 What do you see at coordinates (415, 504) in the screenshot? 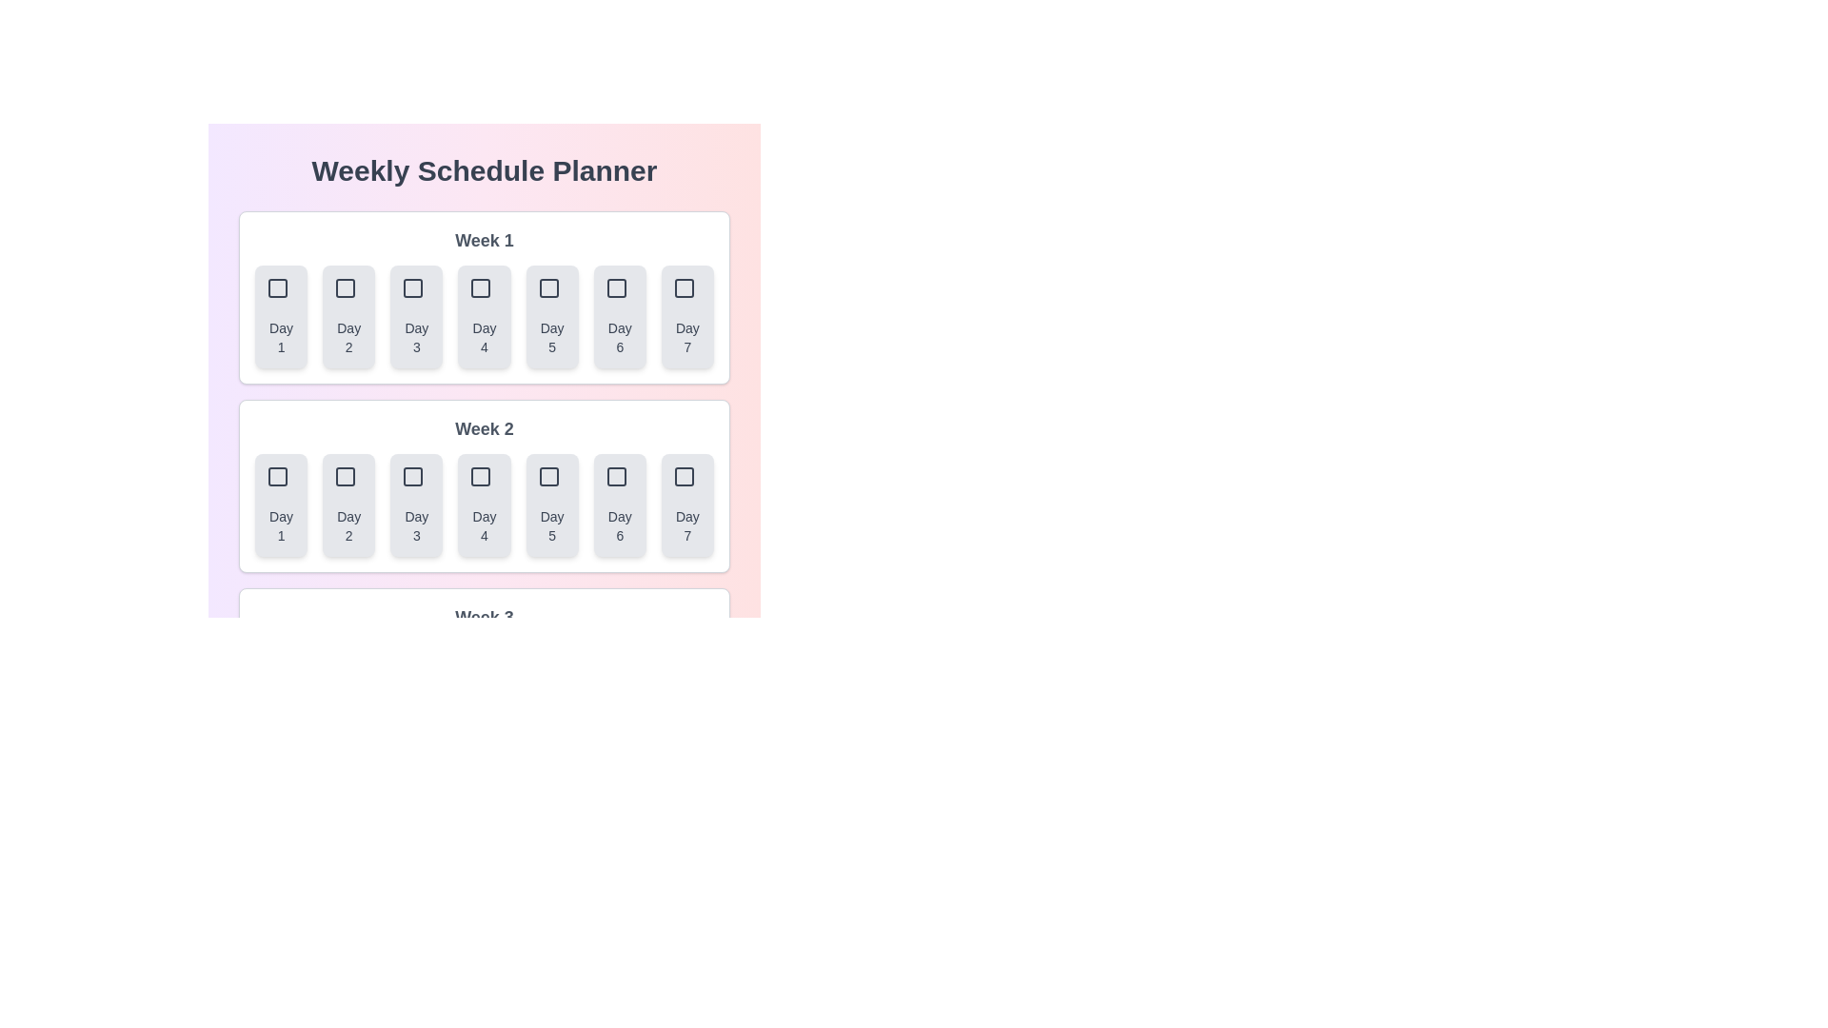
I see `the button corresponding to Week 2 and Day 3 to select that day` at bounding box center [415, 504].